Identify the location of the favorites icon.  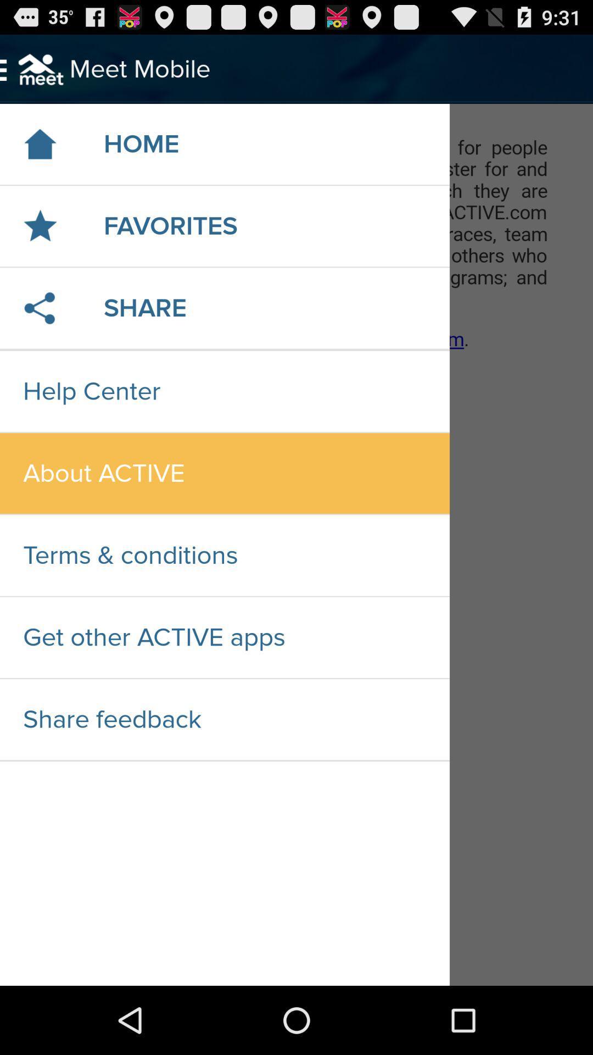
(170, 225).